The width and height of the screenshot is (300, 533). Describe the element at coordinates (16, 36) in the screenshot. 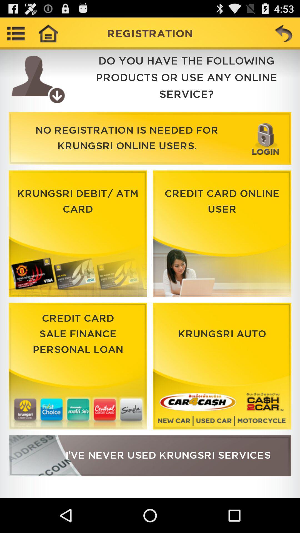

I see `the list icon` at that location.